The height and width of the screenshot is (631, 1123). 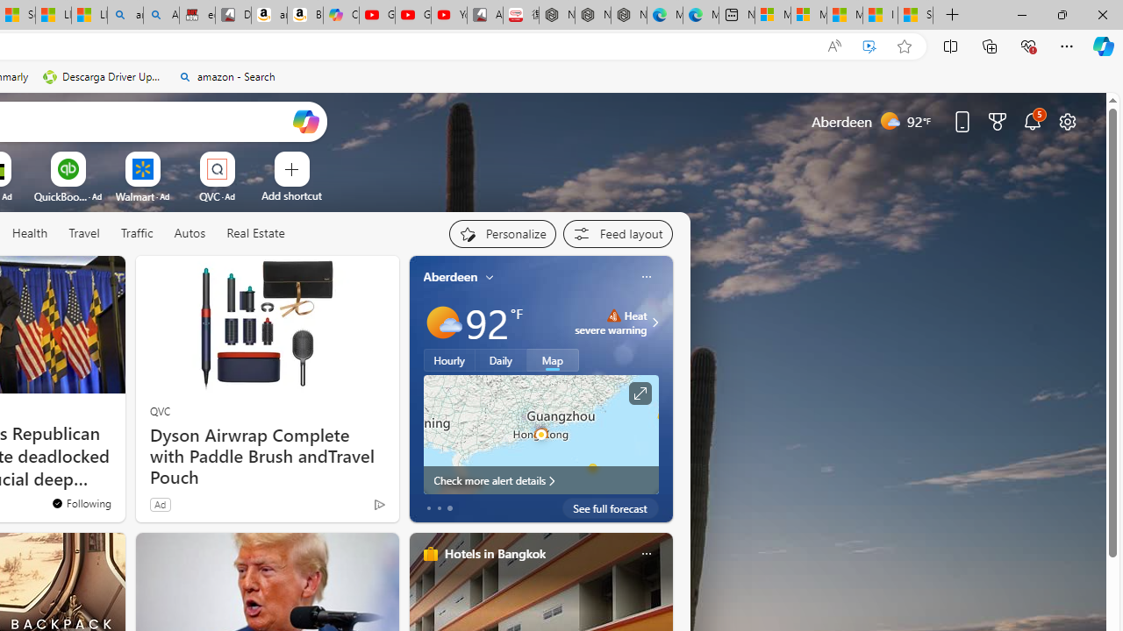 I want to click on 'Copilot (Ctrl+Shift+.)', so click(x=1103, y=45).